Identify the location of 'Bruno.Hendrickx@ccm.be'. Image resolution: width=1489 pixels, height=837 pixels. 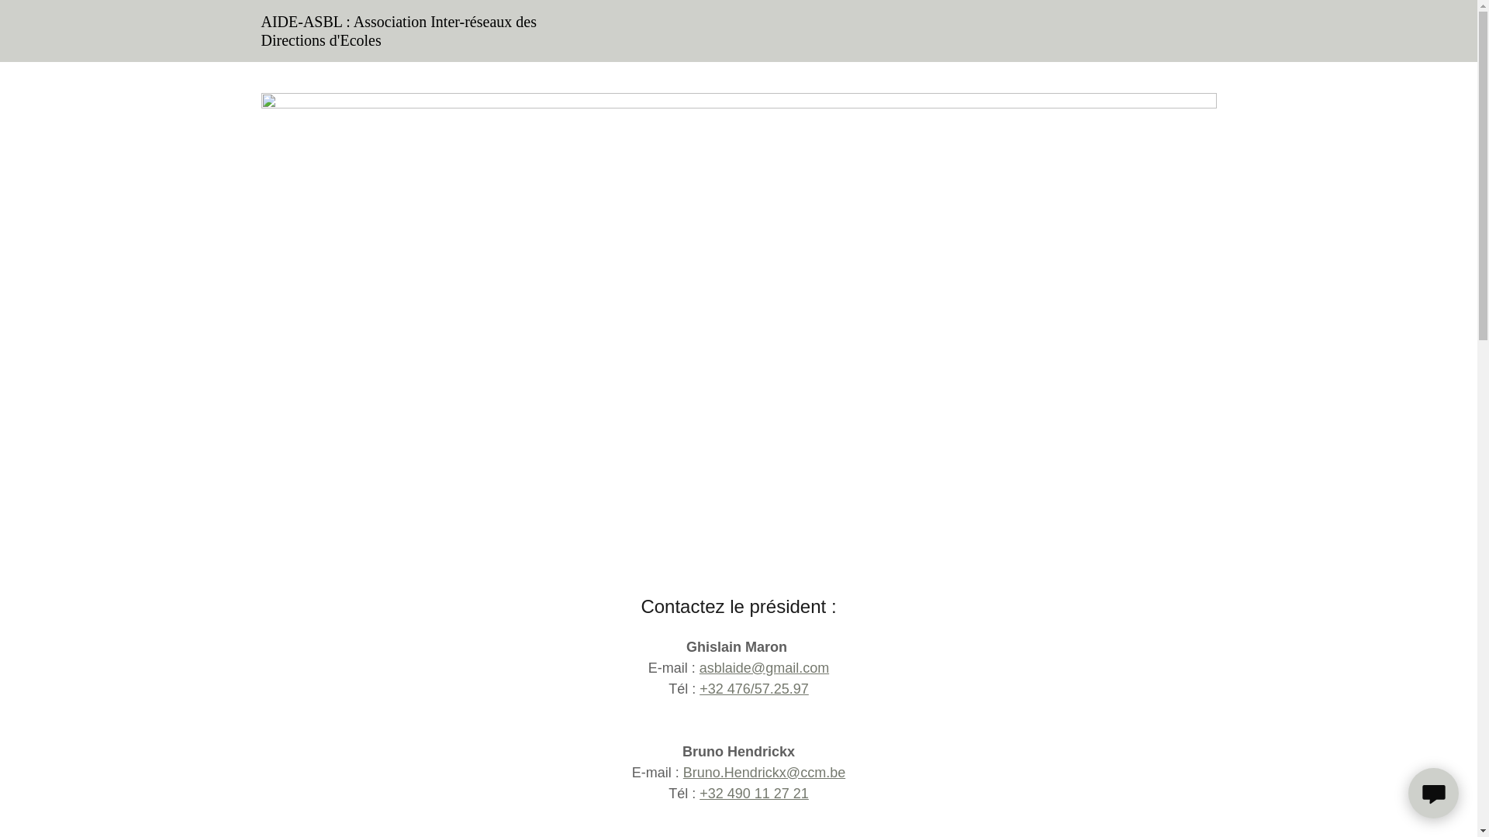
(764, 772).